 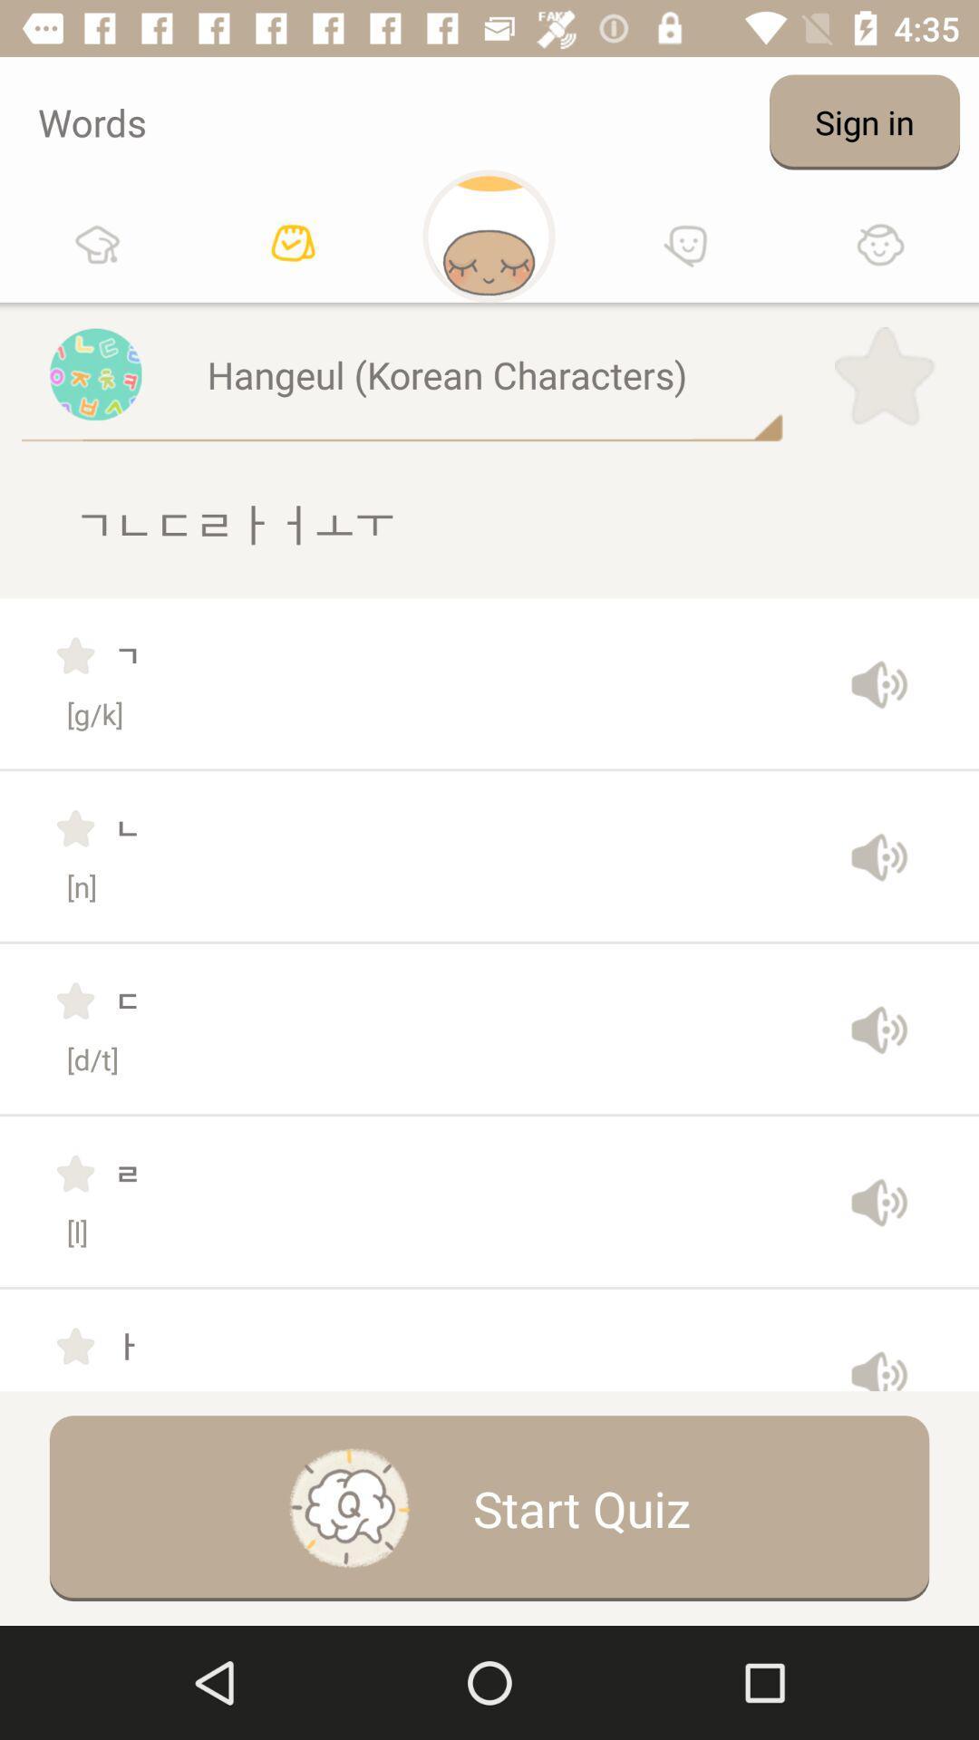 What do you see at coordinates (884, 375) in the screenshot?
I see `item to the right of the hangeul (korean characters)` at bounding box center [884, 375].